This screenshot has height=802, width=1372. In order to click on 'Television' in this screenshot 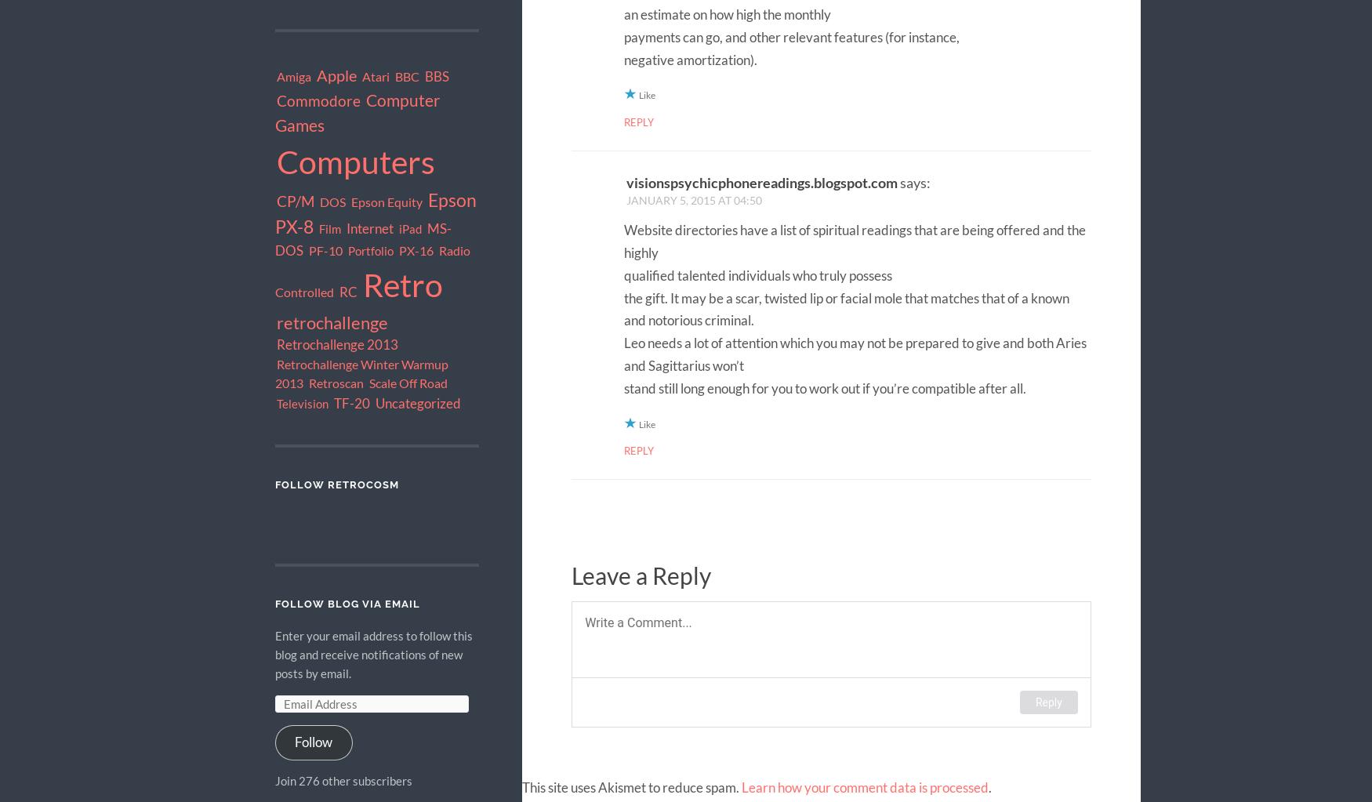, I will do `click(301, 401)`.